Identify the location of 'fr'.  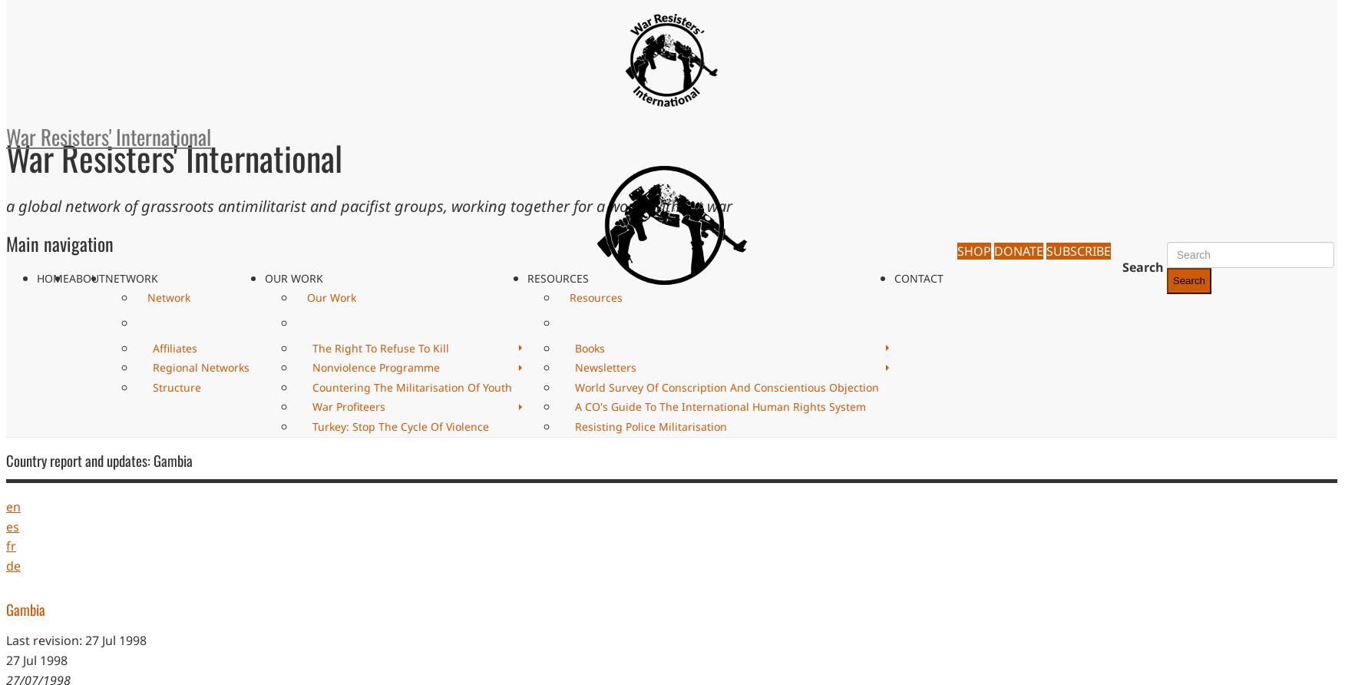
(11, 546).